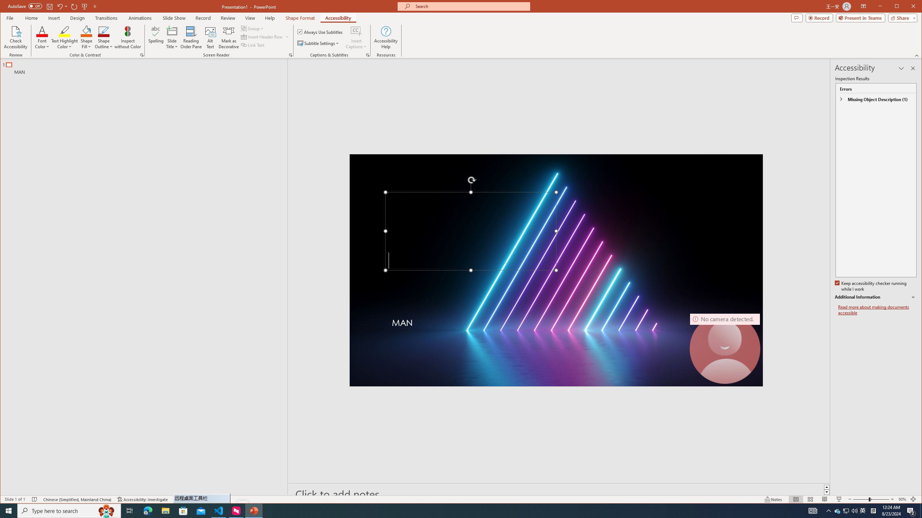 Image resolution: width=922 pixels, height=518 pixels. Describe the element at coordinates (147, 66) in the screenshot. I see `'Outline'` at that location.